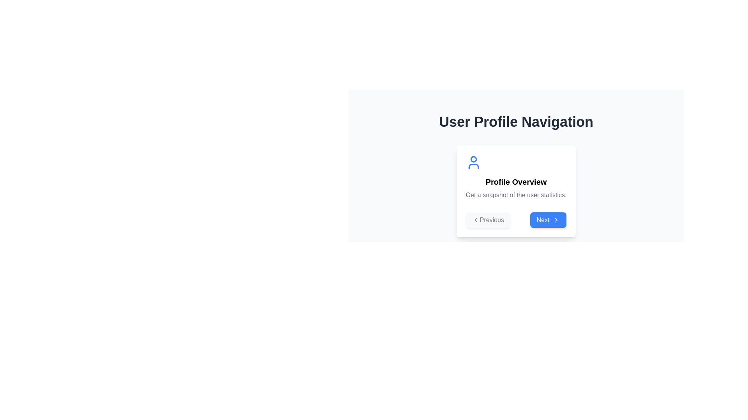 Image resolution: width=748 pixels, height=420 pixels. What do you see at coordinates (556, 220) in the screenshot?
I see `the SVG Chevron icon located on the right side of the 'Next' button, which visually indicates the forward action` at bounding box center [556, 220].